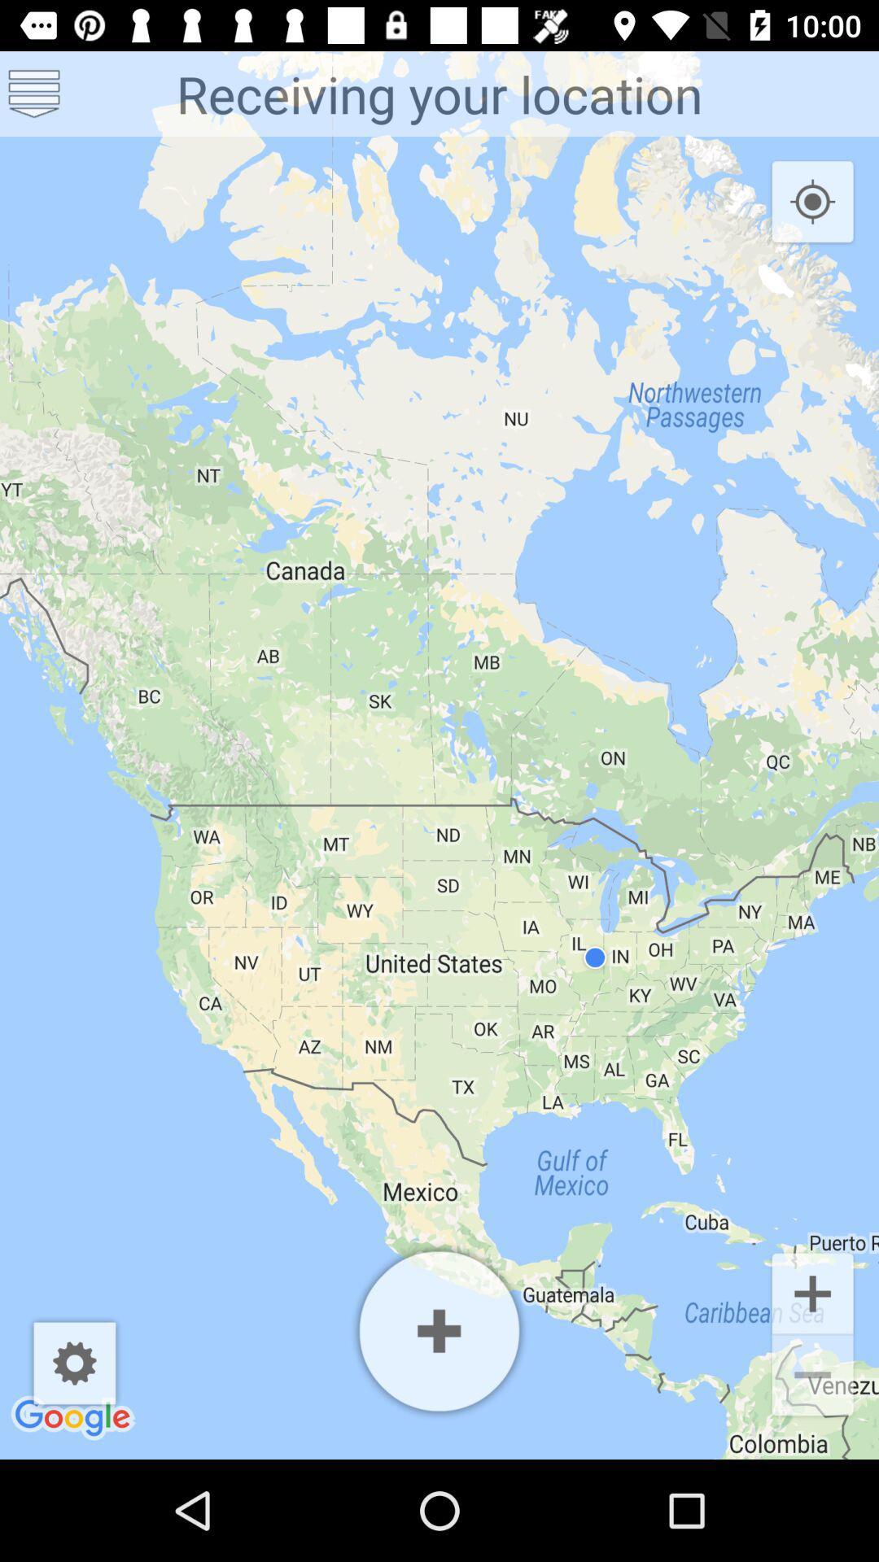 Image resolution: width=879 pixels, height=1562 pixels. I want to click on icon at the top right corner, so click(812, 202).